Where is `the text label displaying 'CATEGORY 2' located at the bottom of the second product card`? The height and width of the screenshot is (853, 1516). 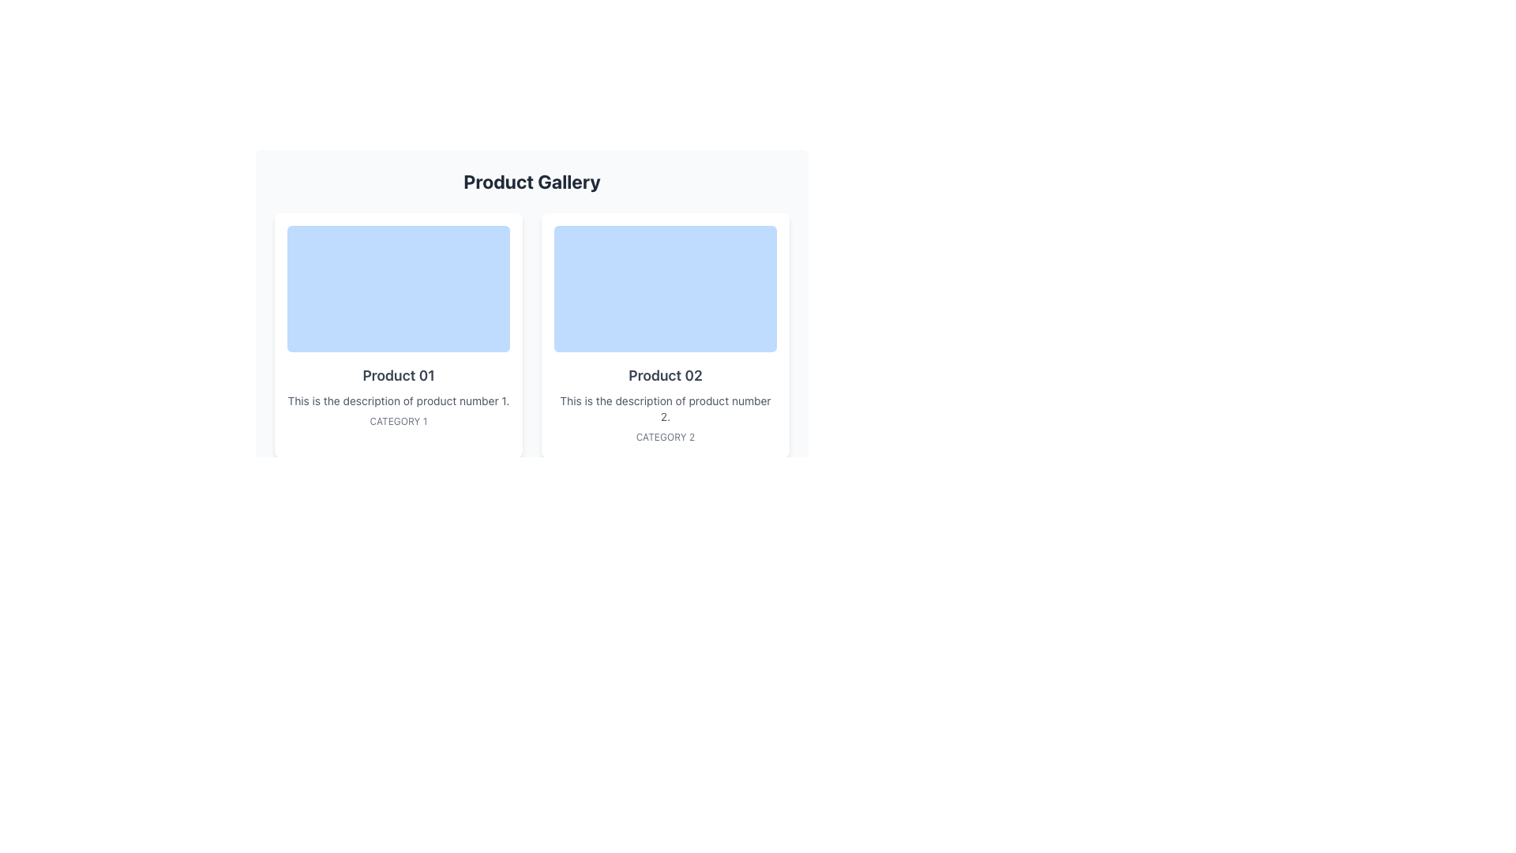
the text label displaying 'CATEGORY 2' located at the bottom of the second product card is located at coordinates (666, 438).